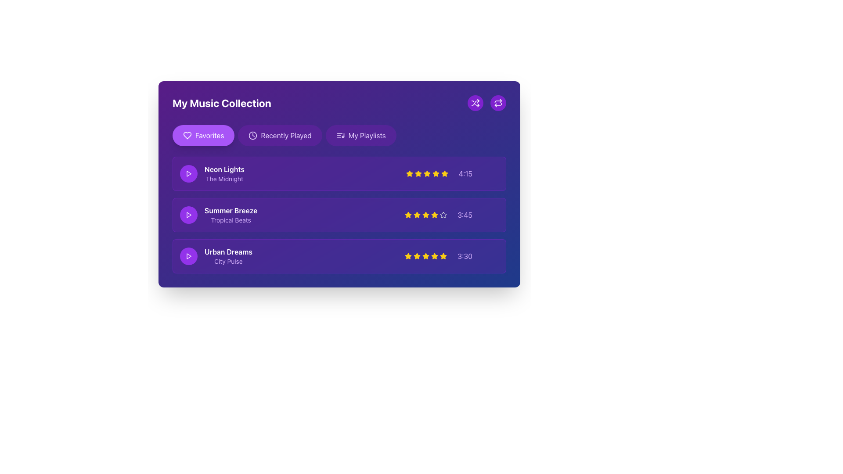  I want to click on title of the music track displayed in the text label located in the first row of the song list, positioned above the subtitle 'The Midnight', so click(224, 169).